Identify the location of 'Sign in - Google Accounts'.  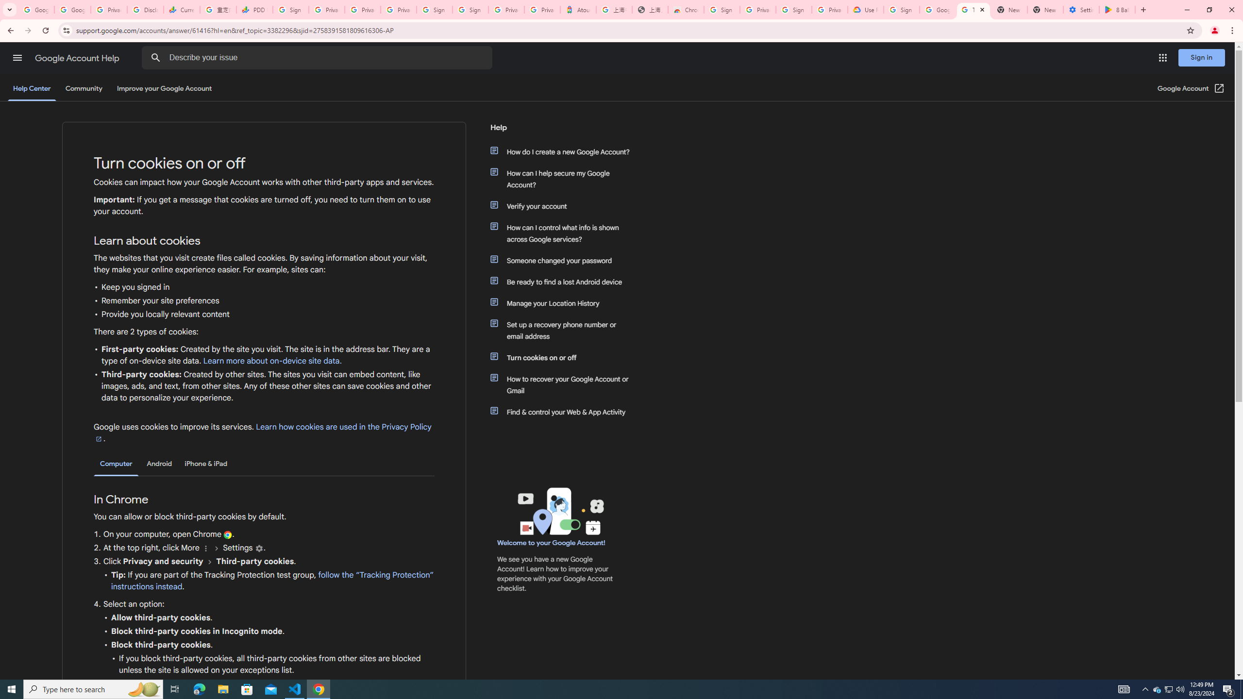
(901, 9).